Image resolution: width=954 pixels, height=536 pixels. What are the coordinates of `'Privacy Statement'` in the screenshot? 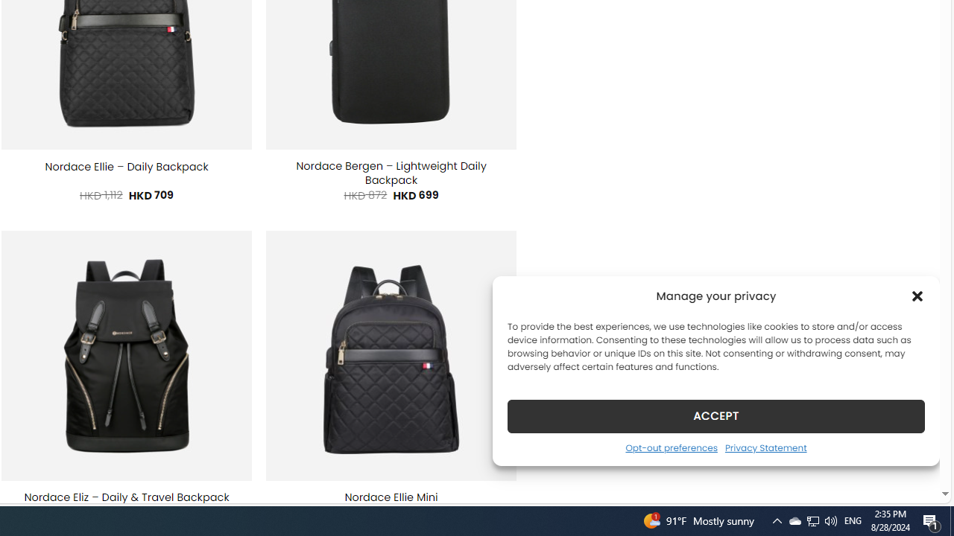 It's located at (765, 447).